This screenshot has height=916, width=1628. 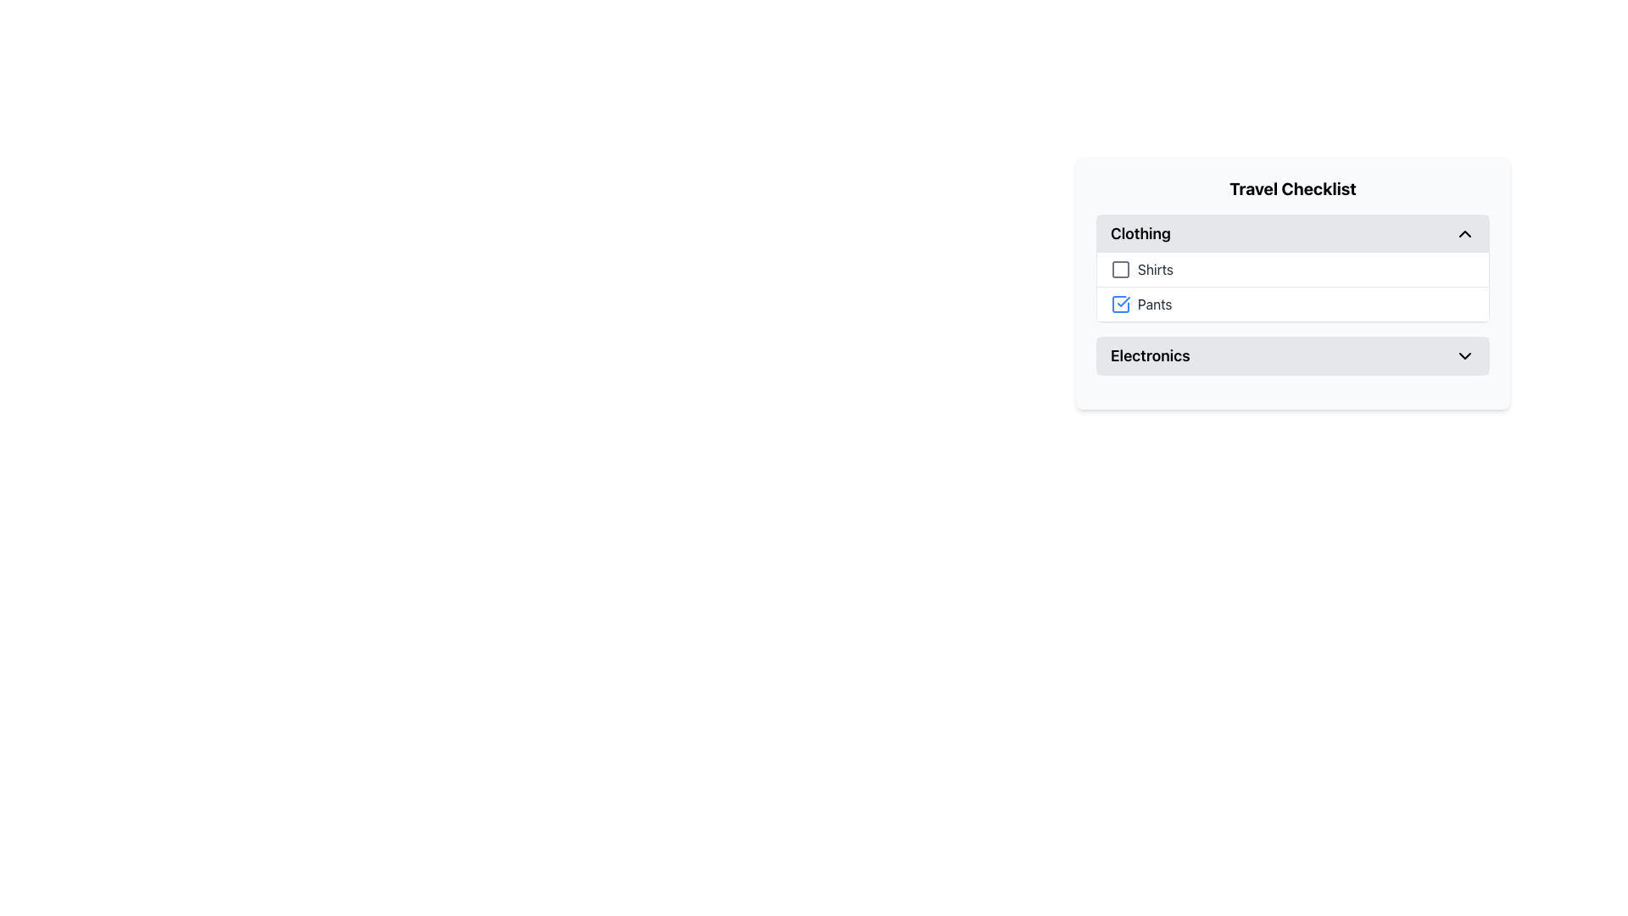 I want to click on the 'Shirts' and 'Pants' items in the Clothing checklist to trigger a potential color change or tooltip display, so click(x=1292, y=287).